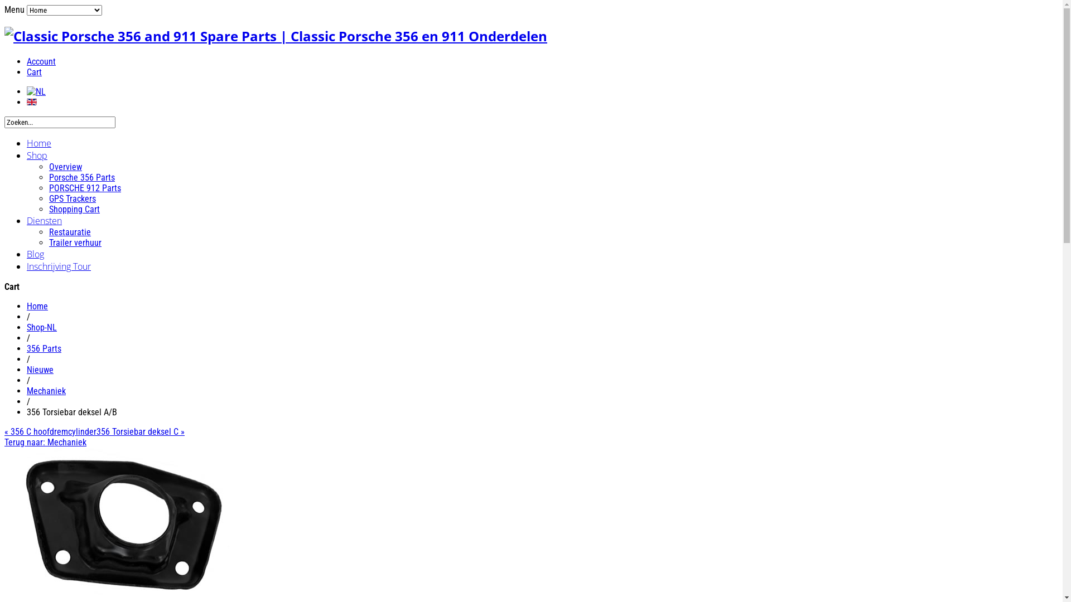 The image size is (1071, 602). Describe the element at coordinates (45, 390) in the screenshot. I see `'Mechaniek'` at that location.